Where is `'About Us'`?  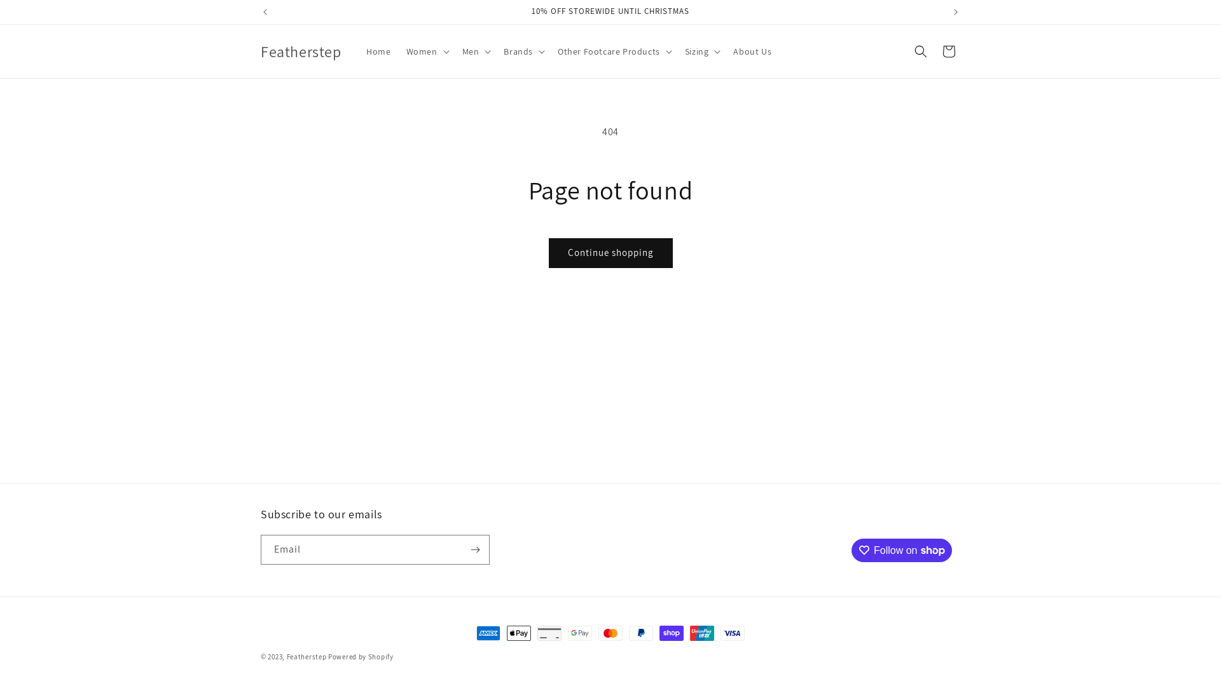 'About Us' is located at coordinates (726, 51).